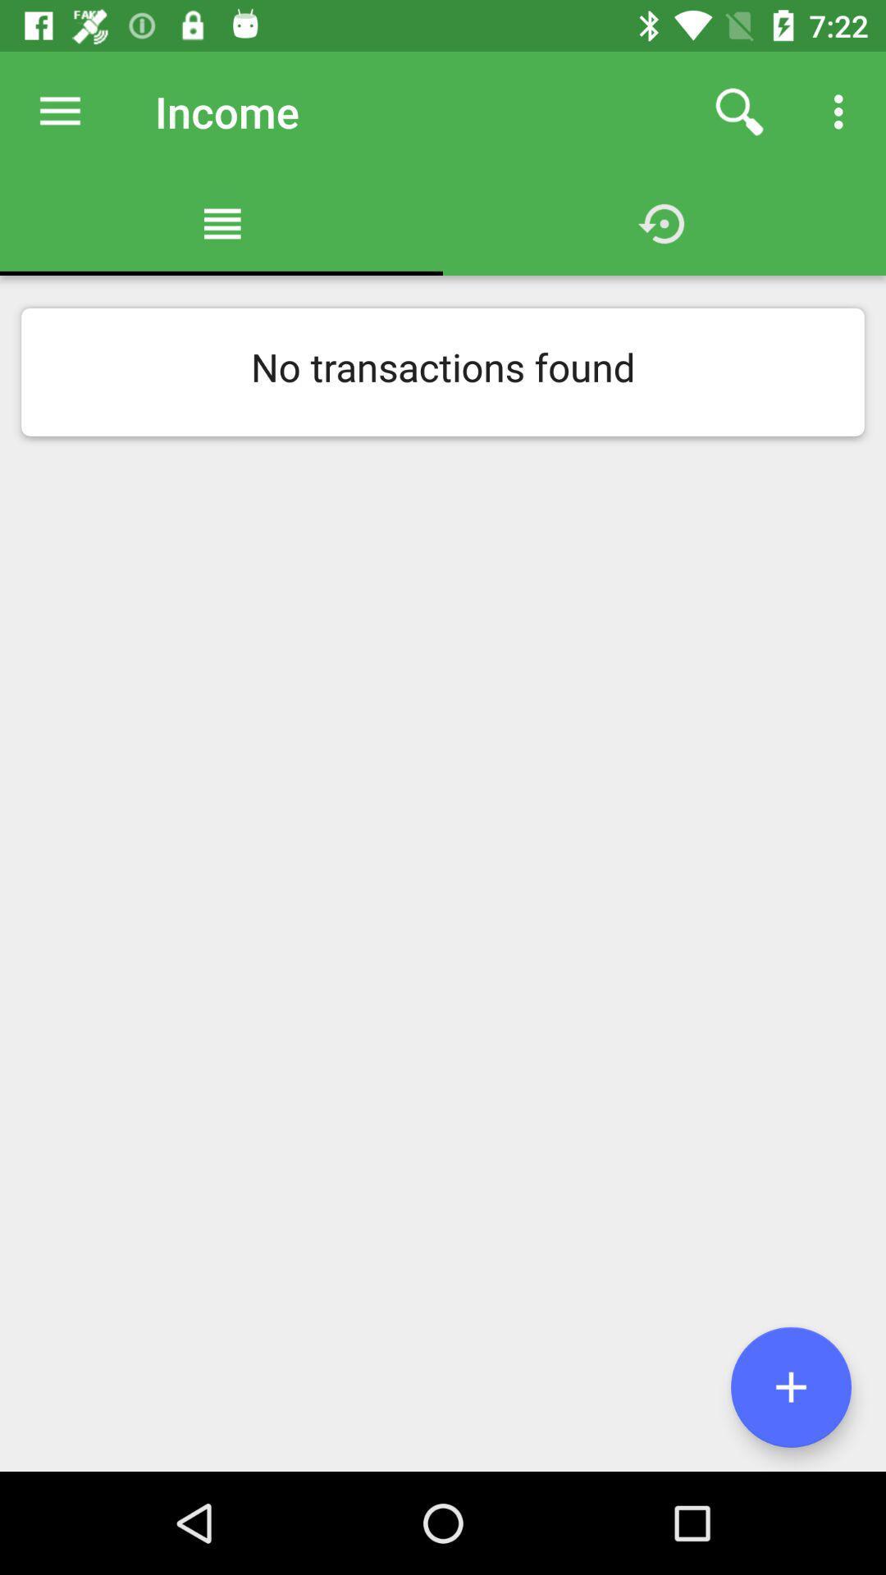  What do you see at coordinates (843, 111) in the screenshot?
I see `the icon above no transactions found icon` at bounding box center [843, 111].